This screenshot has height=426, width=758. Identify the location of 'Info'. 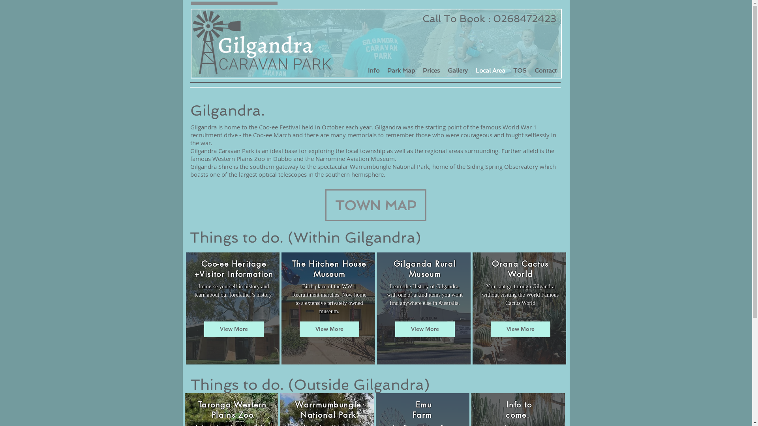
(363, 70).